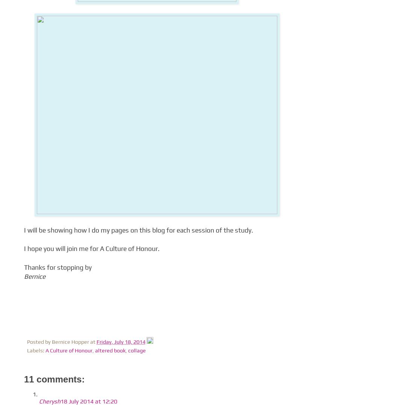  I want to click on '11 comments:', so click(24, 379).